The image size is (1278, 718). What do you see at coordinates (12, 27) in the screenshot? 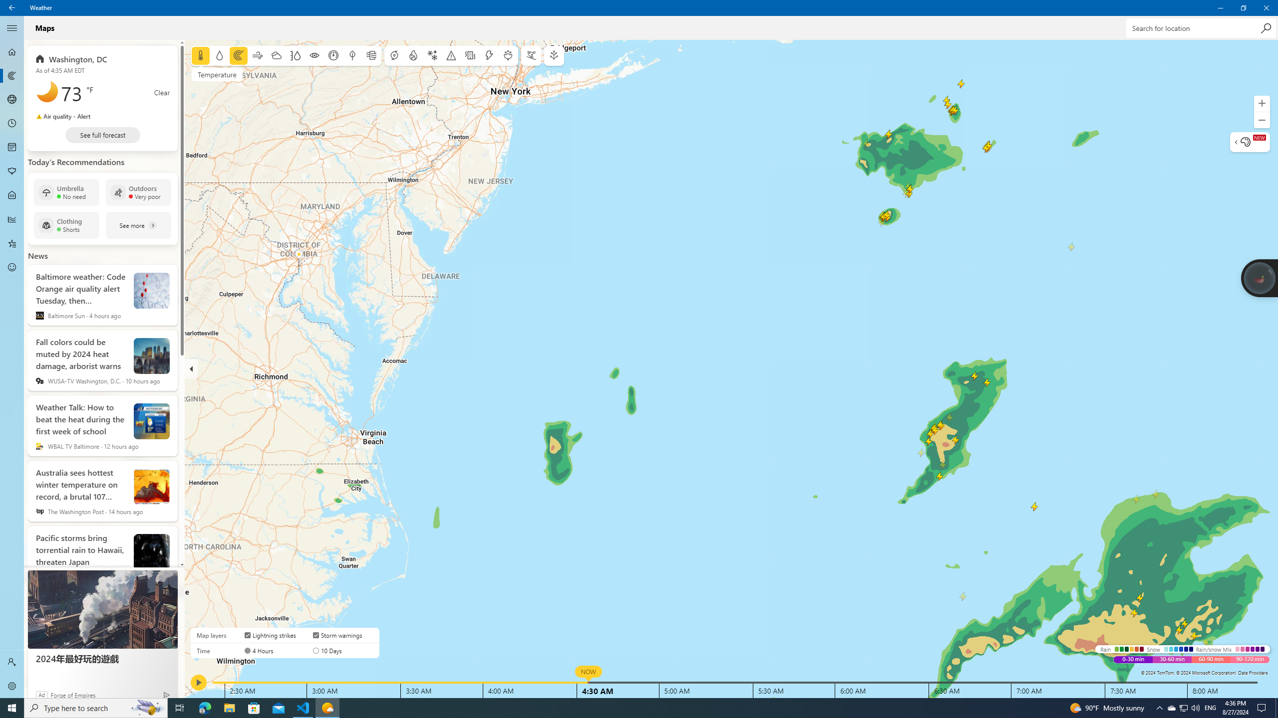
I see `'Collapse Navigation'` at bounding box center [12, 27].